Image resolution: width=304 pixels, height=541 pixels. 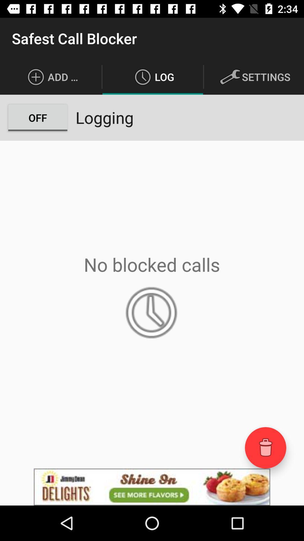 I want to click on advertisement banner, so click(x=152, y=487).